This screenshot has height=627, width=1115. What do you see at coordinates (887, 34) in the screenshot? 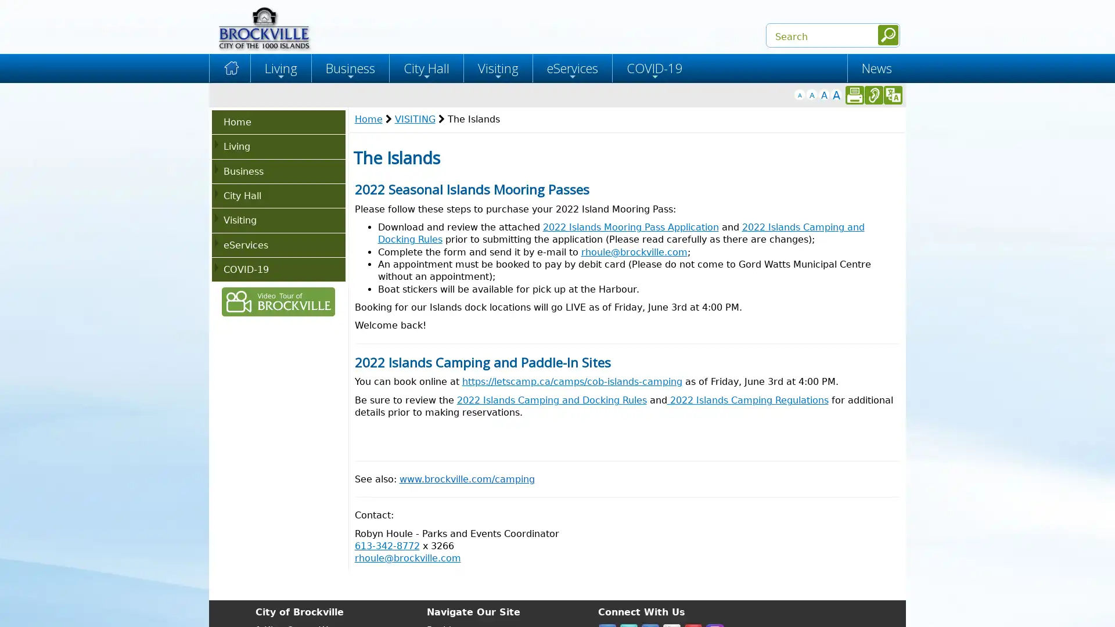
I see `Click to search` at bounding box center [887, 34].